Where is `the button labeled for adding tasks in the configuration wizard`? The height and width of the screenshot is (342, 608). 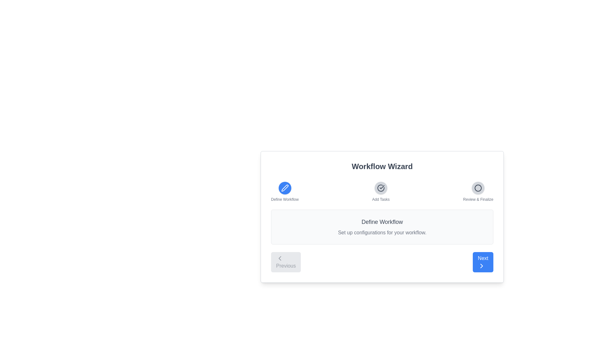 the button labeled for adding tasks in the configuration wizard is located at coordinates (380, 191).